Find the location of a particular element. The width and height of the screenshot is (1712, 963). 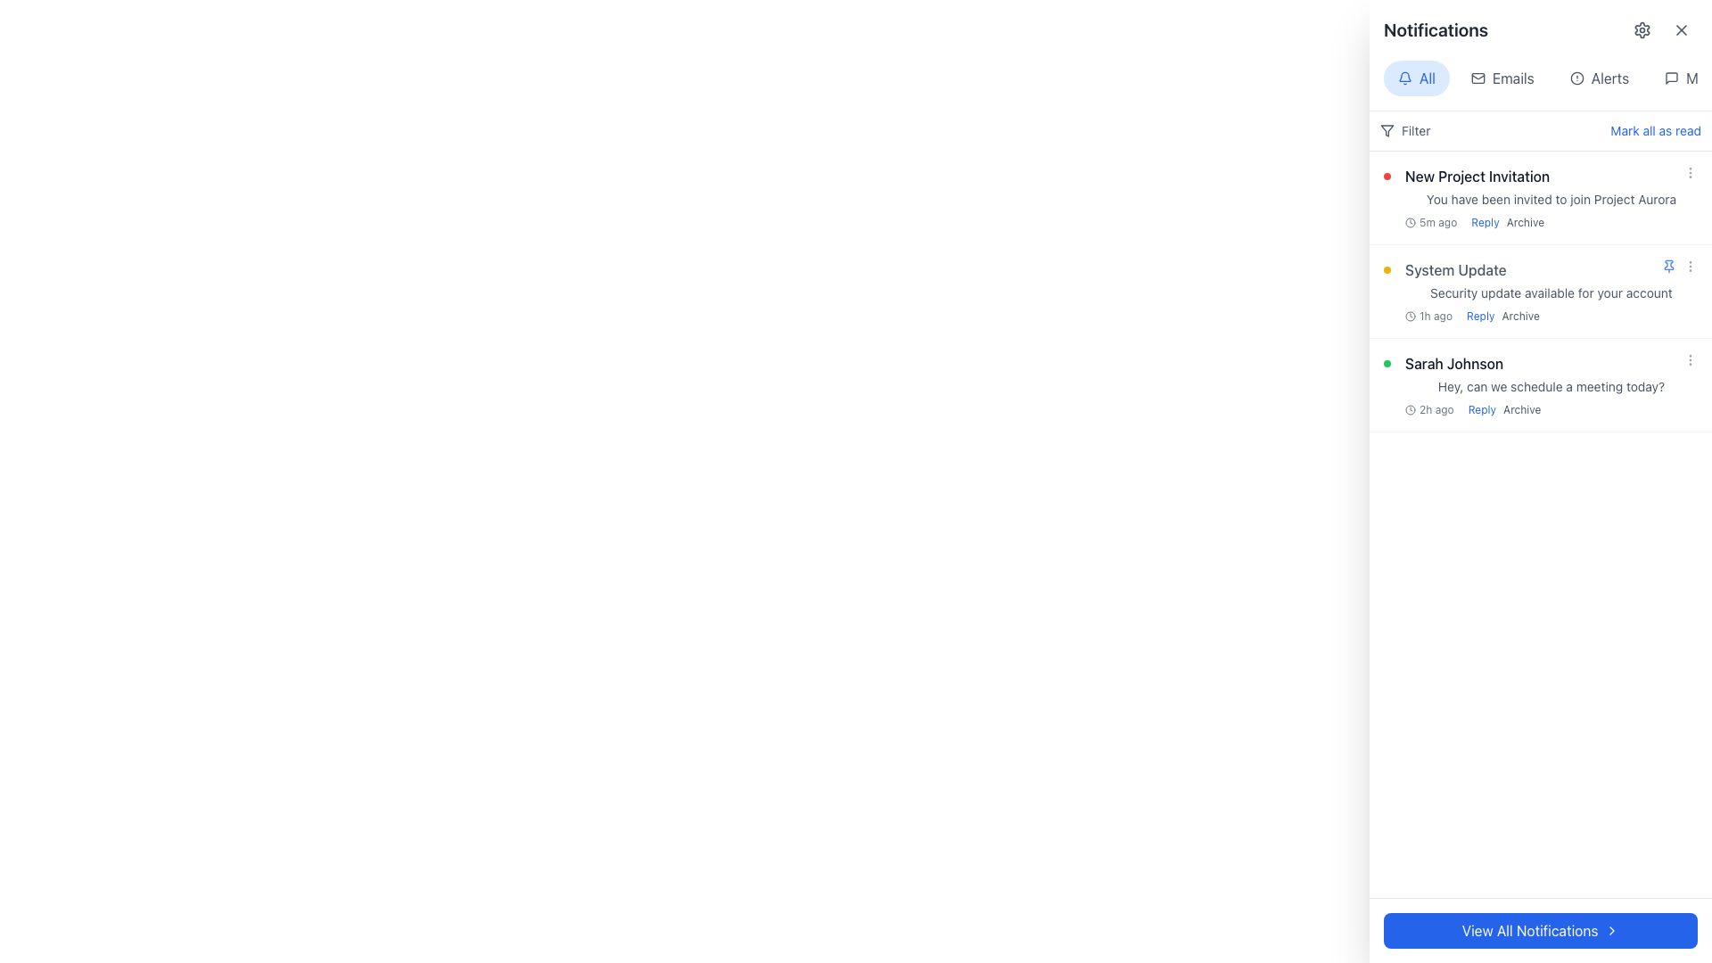

the 'Reply' text link located to the right of the 'New Project Invitation' notification to initiate a reply is located at coordinates (1485, 222).